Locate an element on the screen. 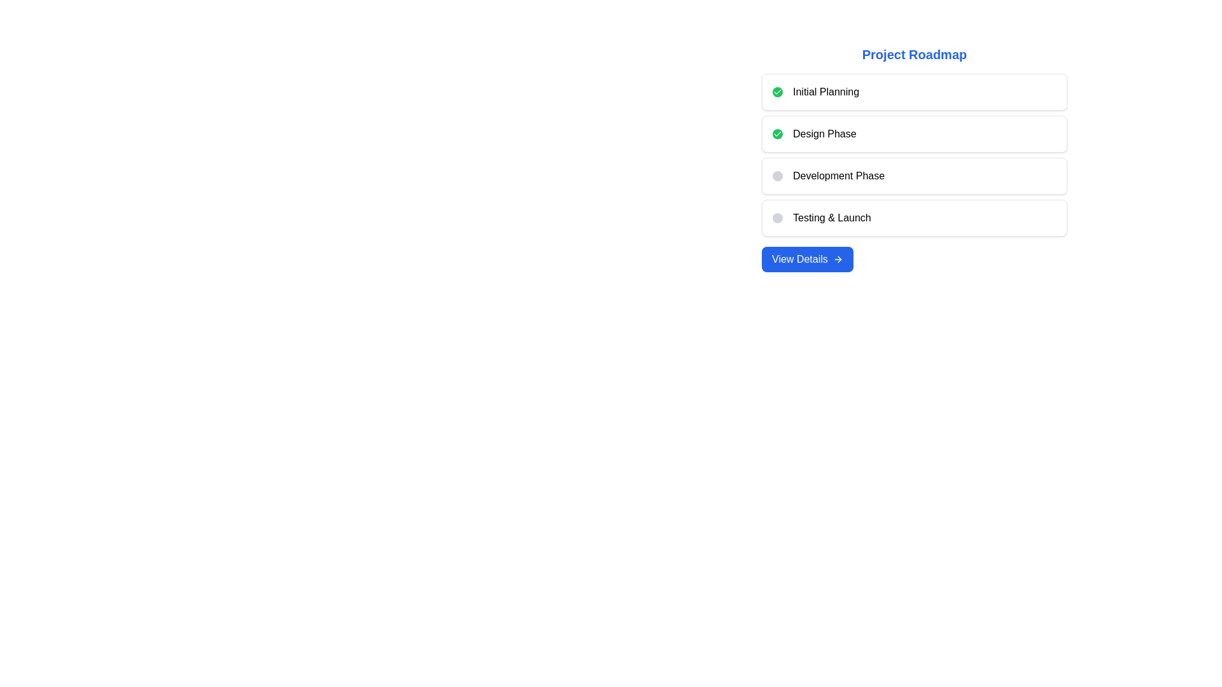  text label that displays 'Project Roadmap', which is styled in bold and large blue font, located at the top of the interface is located at coordinates (913, 53).